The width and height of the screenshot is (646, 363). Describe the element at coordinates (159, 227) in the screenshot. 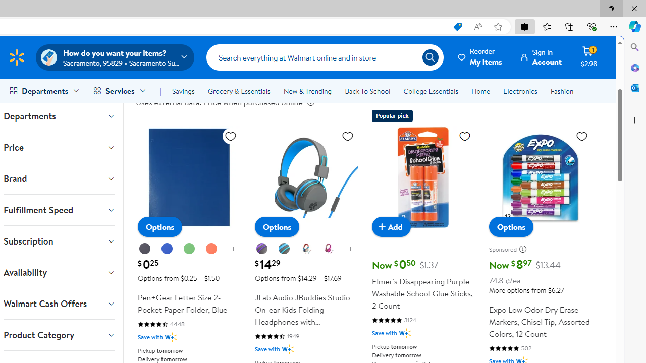

I see `'Options - Pen+Gear Letter Size 2-Pocket Paper Folder, Blue'` at that location.